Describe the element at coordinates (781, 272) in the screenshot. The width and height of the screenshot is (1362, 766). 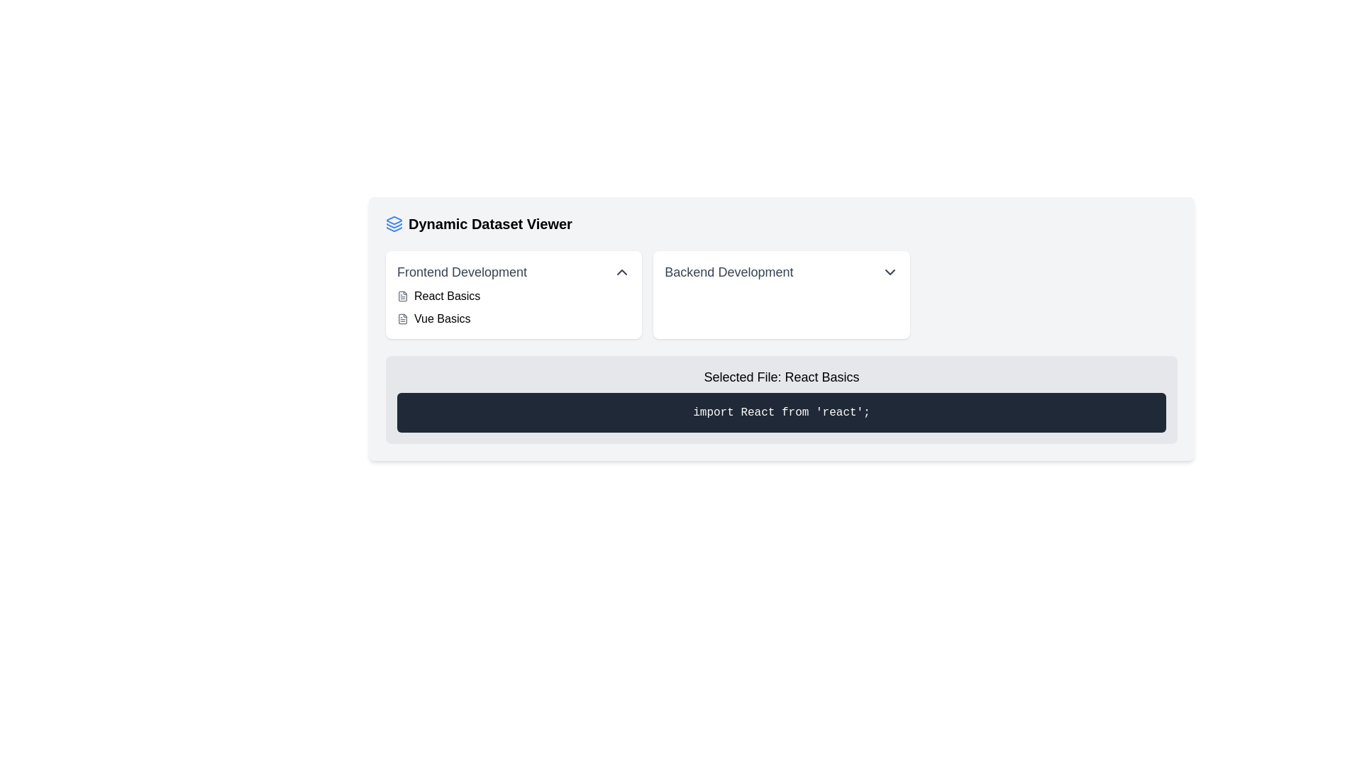
I see `the 'Backend Development' dropdown trigger, which features a medium gray font and a chevron icon` at that location.